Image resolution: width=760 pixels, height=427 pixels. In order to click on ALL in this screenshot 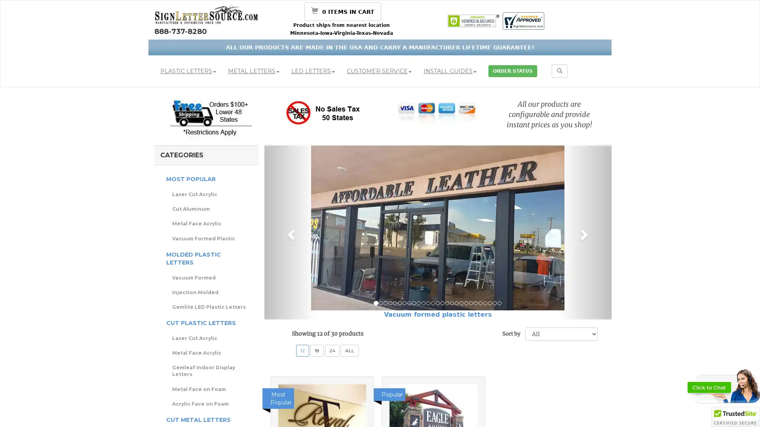, I will do `click(349, 350)`.